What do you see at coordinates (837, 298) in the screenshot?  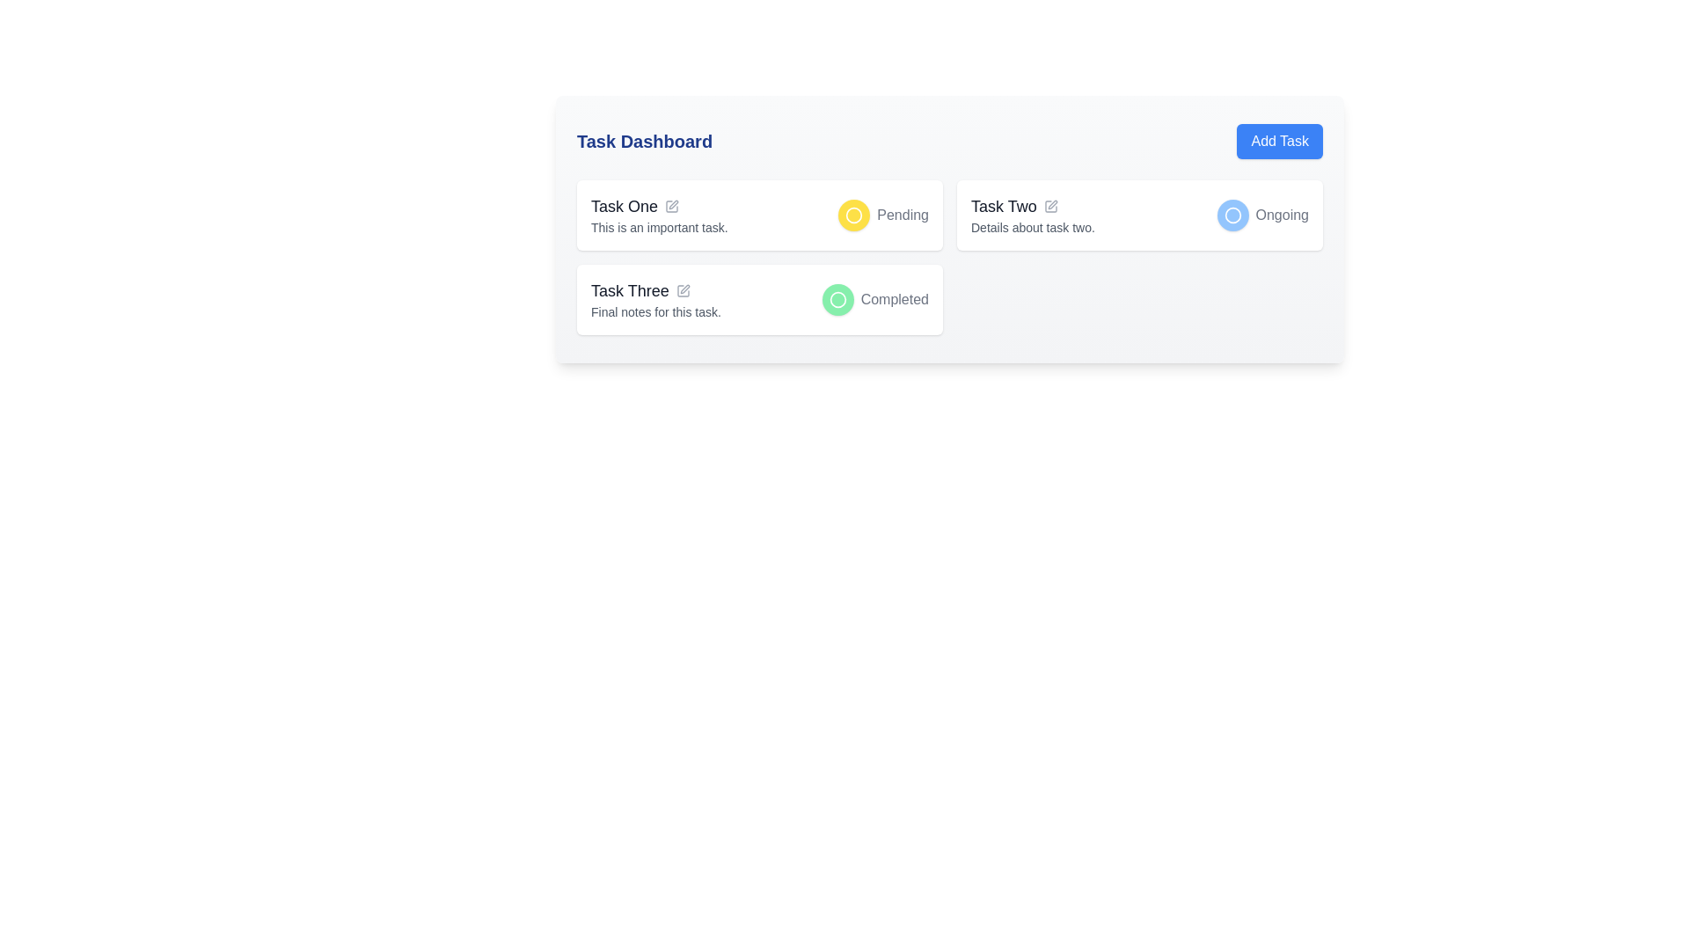 I see `the circular visual indicator associated with 'Task Three' in the task dashboard if interactive options are provided` at bounding box center [837, 298].